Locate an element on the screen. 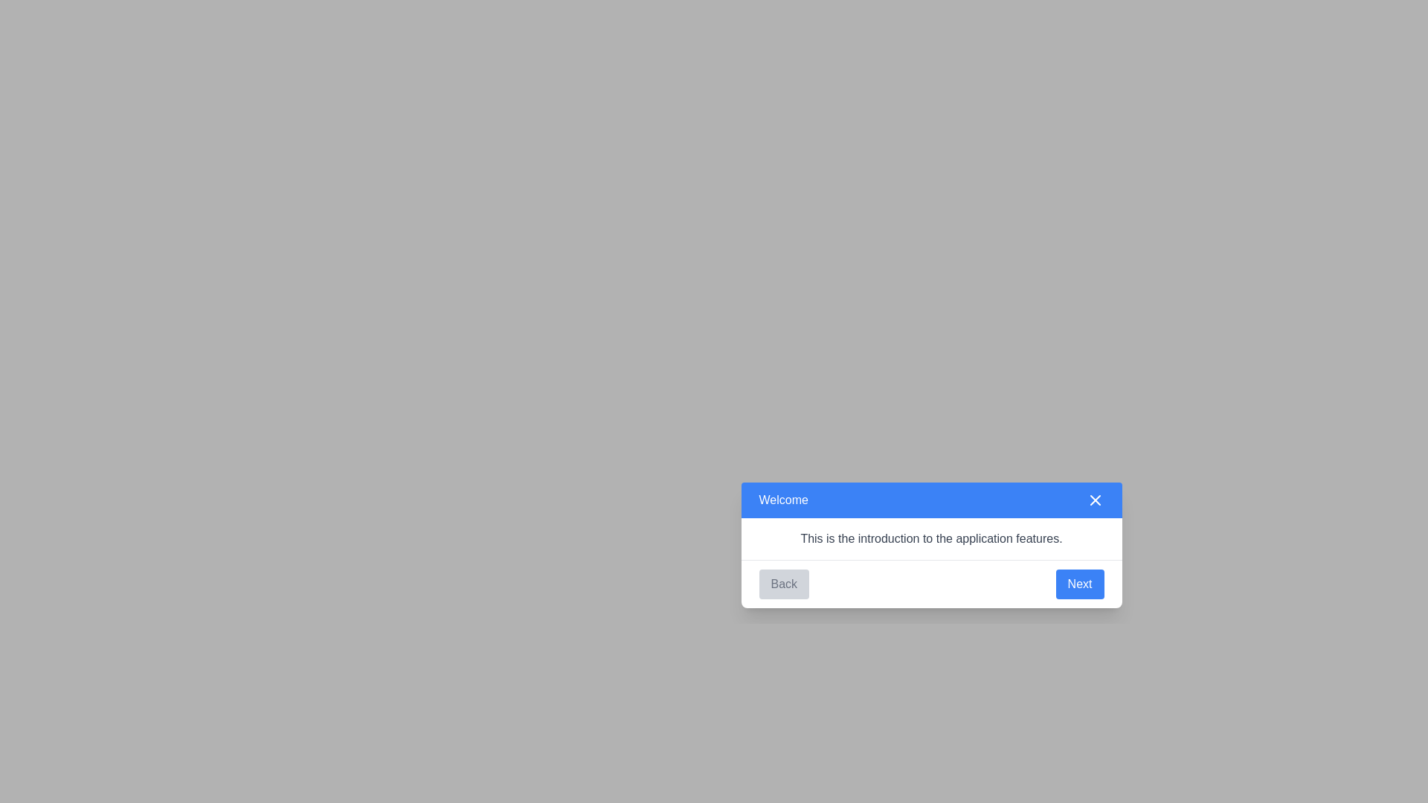 The height and width of the screenshot is (803, 1428). the 'Next' button, which is a rectangular button with a blue background and white text, located on the right side of the modal's footer is located at coordinates (1080, 583).